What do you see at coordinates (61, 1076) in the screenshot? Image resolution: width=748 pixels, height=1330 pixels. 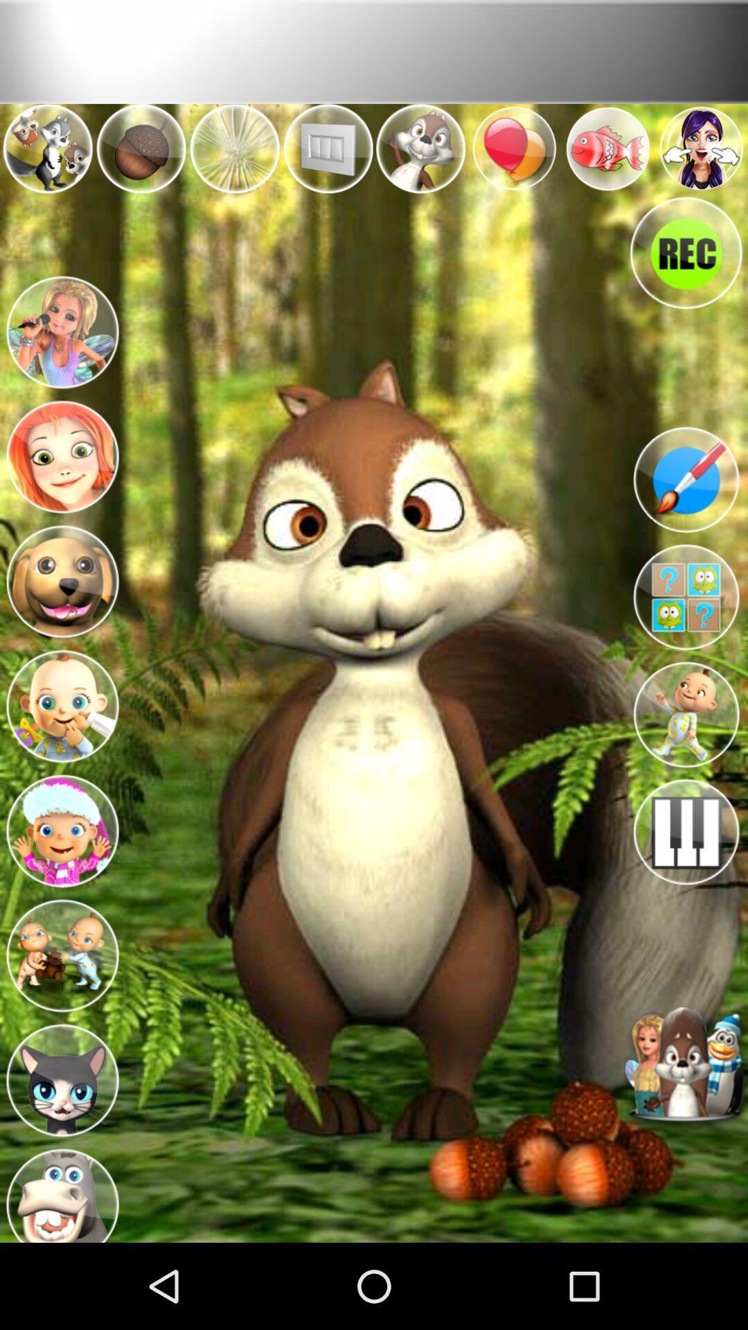 I see `change character` at bounding box center [61, 1076].